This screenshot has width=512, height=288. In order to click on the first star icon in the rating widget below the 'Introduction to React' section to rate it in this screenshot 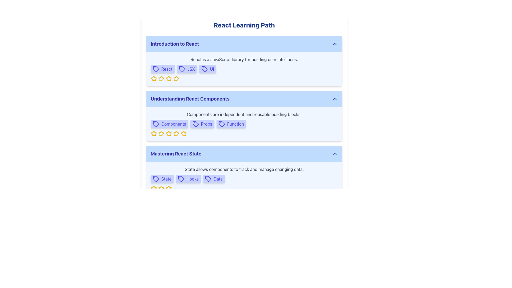, I will do `click(153, 78)`.